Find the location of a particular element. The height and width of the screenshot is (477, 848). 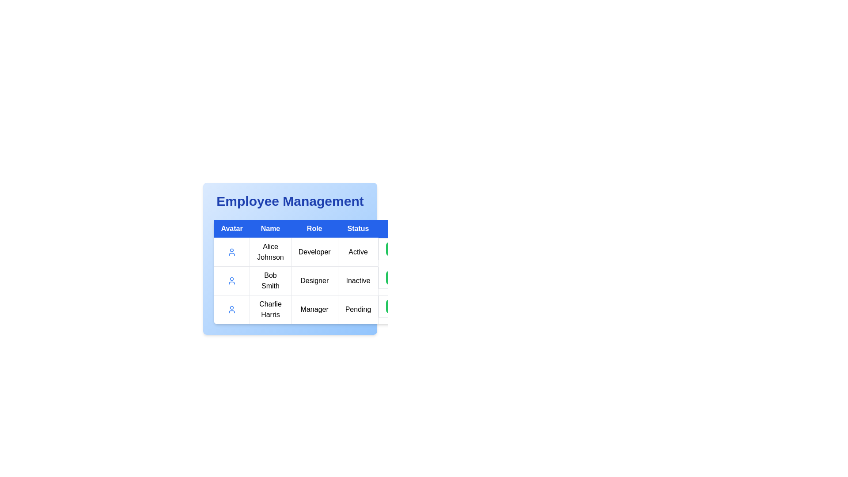

the avatar icon representing user 'Alice Johnson' from its current position in the table cell, as it supports drag-and-drop actions is located at coordinates (232, 252).